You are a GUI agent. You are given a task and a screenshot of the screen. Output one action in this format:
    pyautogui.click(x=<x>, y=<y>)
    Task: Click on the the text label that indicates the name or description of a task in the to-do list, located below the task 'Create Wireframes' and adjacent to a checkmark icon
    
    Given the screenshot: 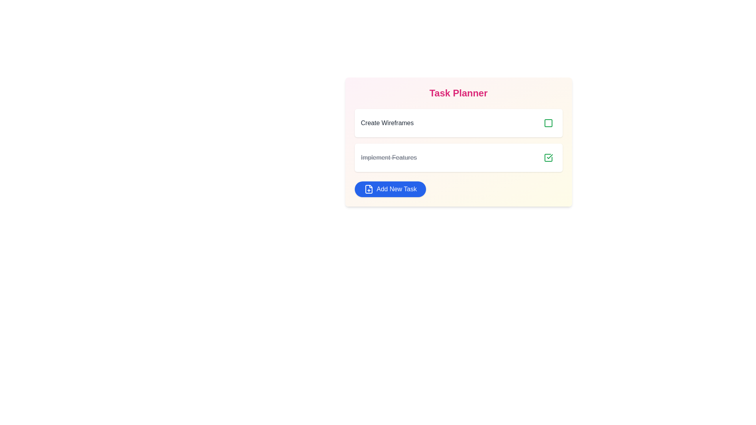 What is the action you would take?
    pyautogui.click(x=389, y=158)
    